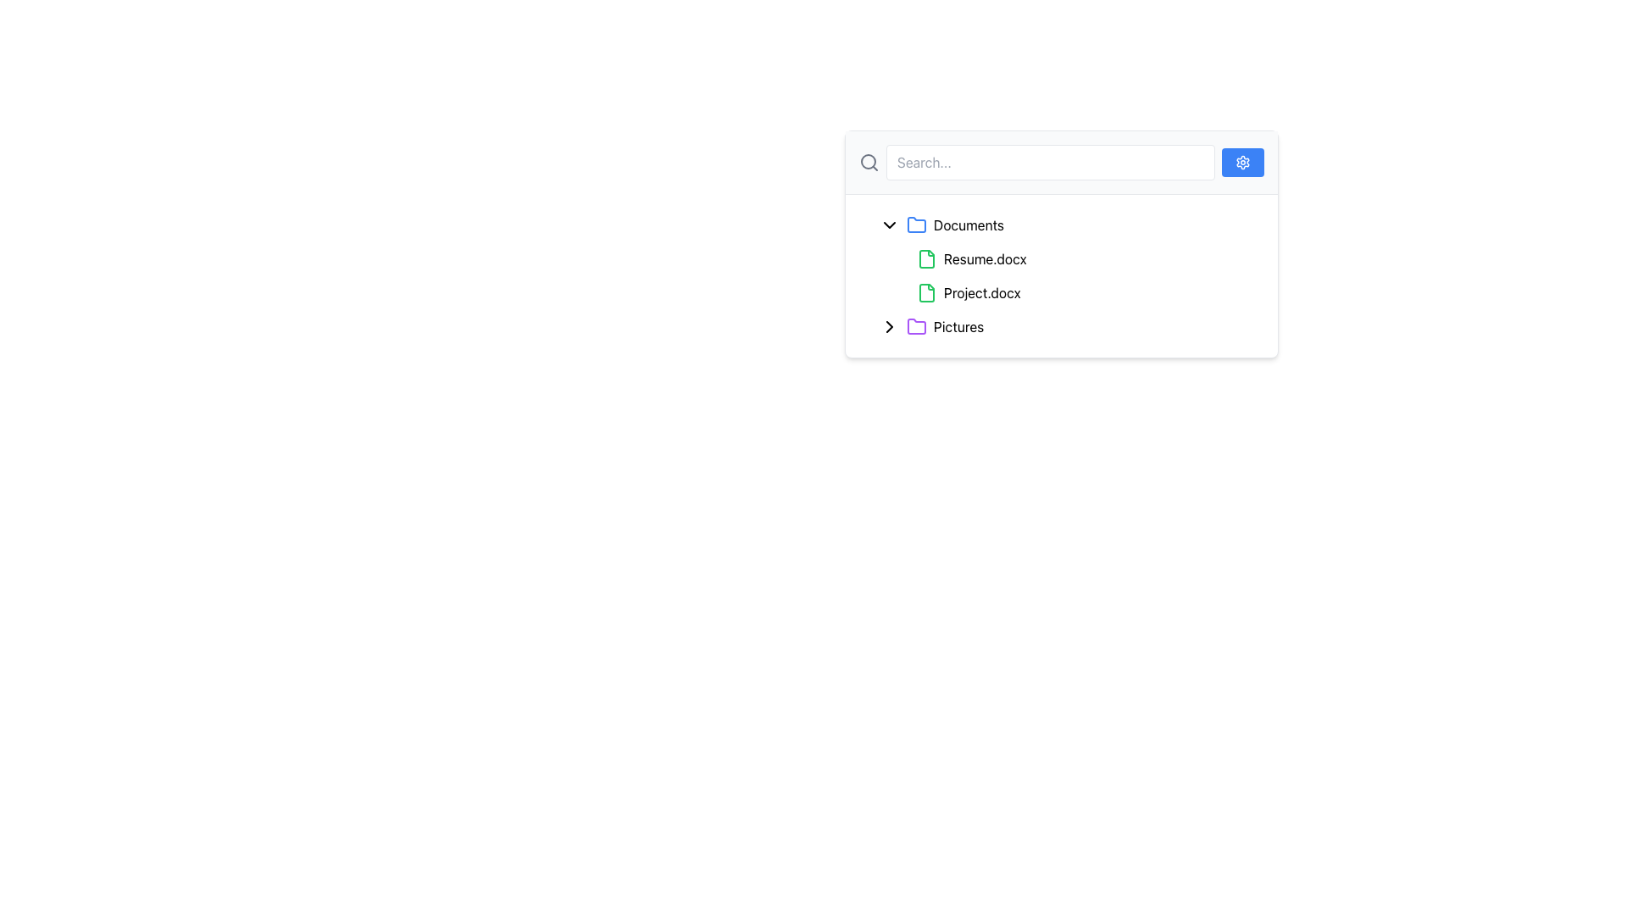 This screenshot has height=915, width=1627. I want to click on the right arrow icon that indicates interaction with the 'Pictures' folder in the file explorer interface, so click(889, 326).